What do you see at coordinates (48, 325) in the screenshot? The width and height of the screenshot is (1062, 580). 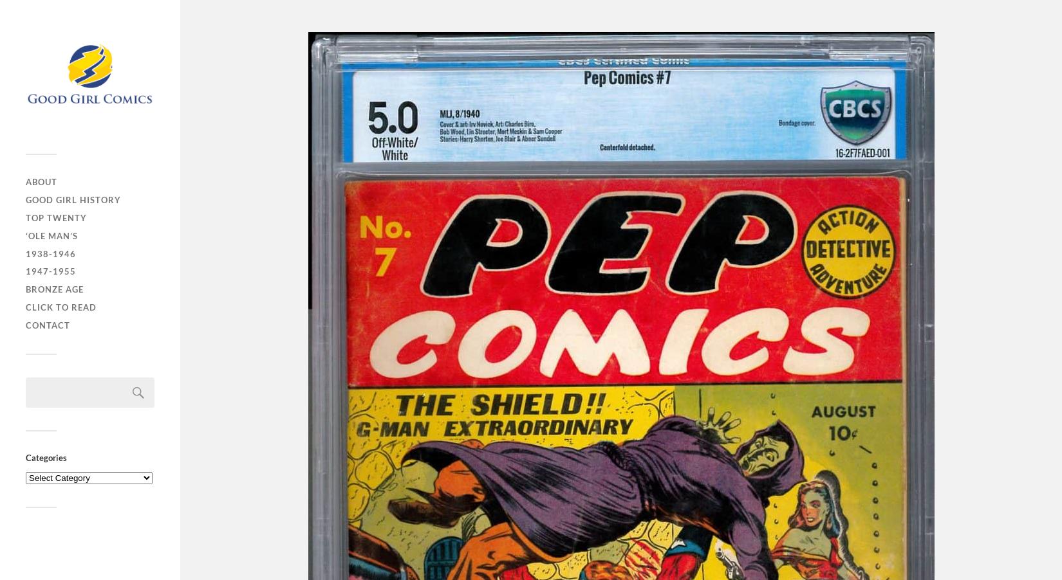 I see `'Contact'` at bounding box center [48, 325].